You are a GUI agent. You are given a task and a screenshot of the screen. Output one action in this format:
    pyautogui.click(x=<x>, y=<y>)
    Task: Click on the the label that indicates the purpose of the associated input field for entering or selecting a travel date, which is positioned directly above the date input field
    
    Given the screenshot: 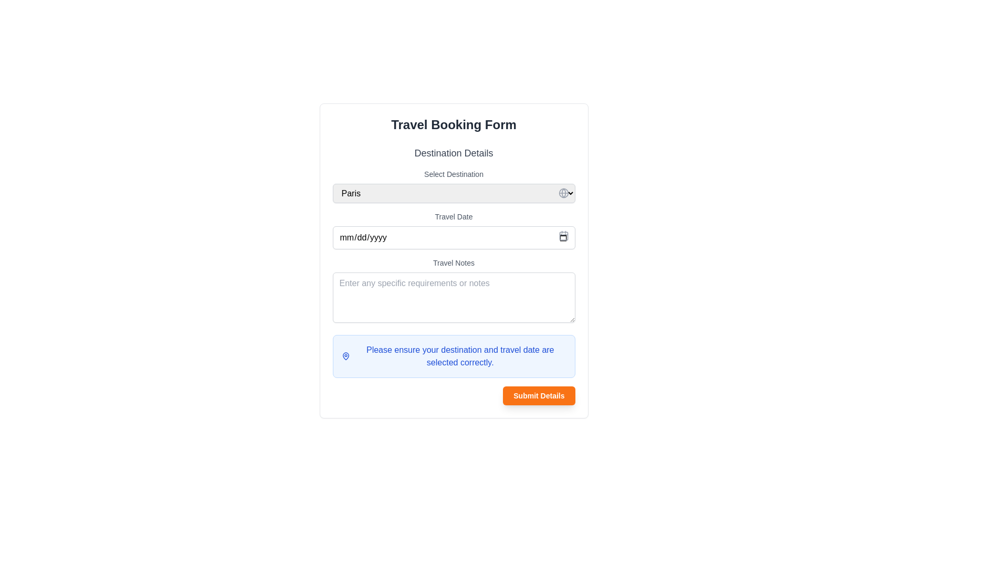 What is the action you would take?
    pyautogui.click(x=454, y=216)
    